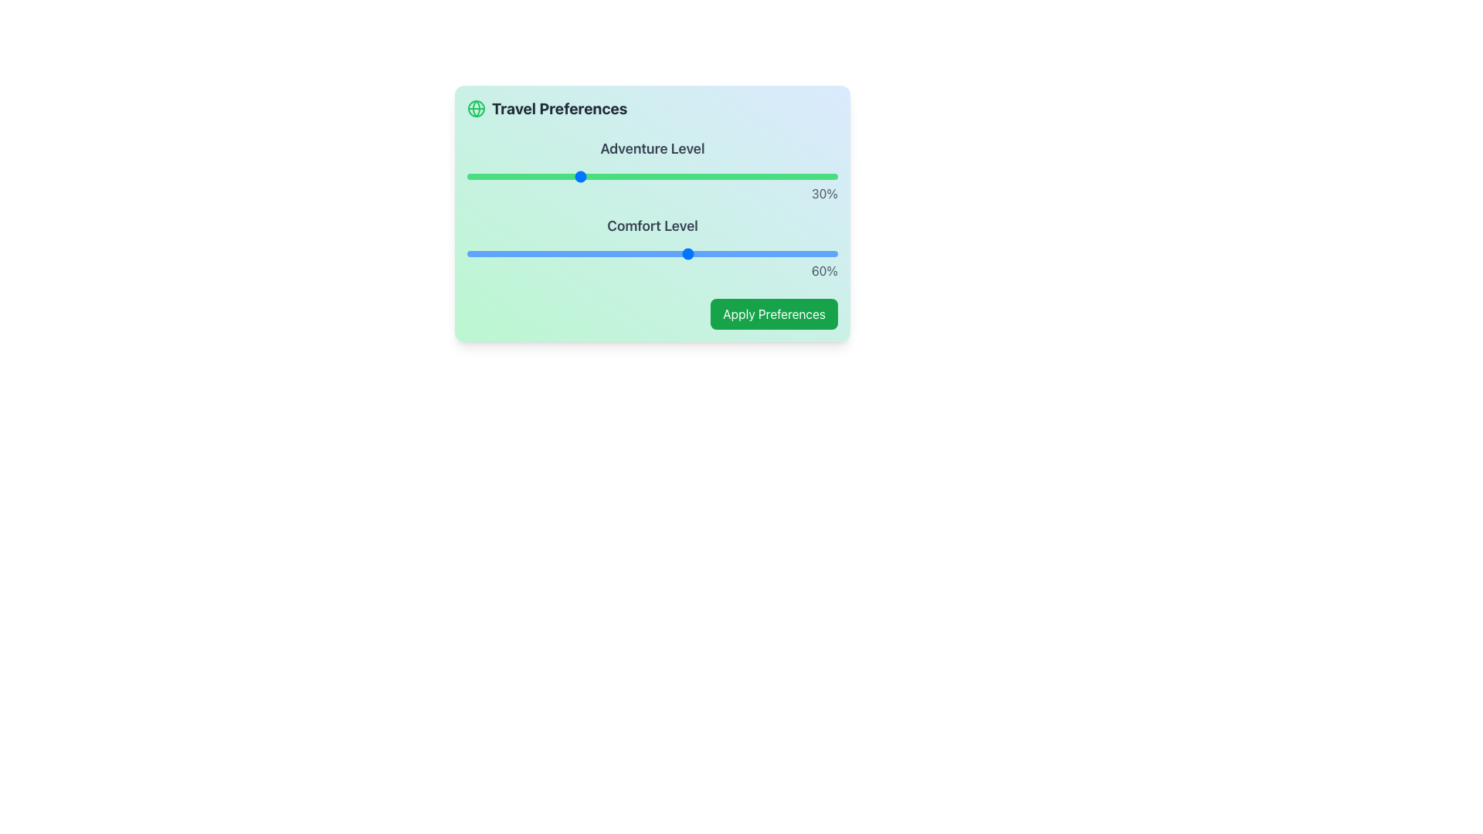  I want to click on the comfort level, so click(481, 253).